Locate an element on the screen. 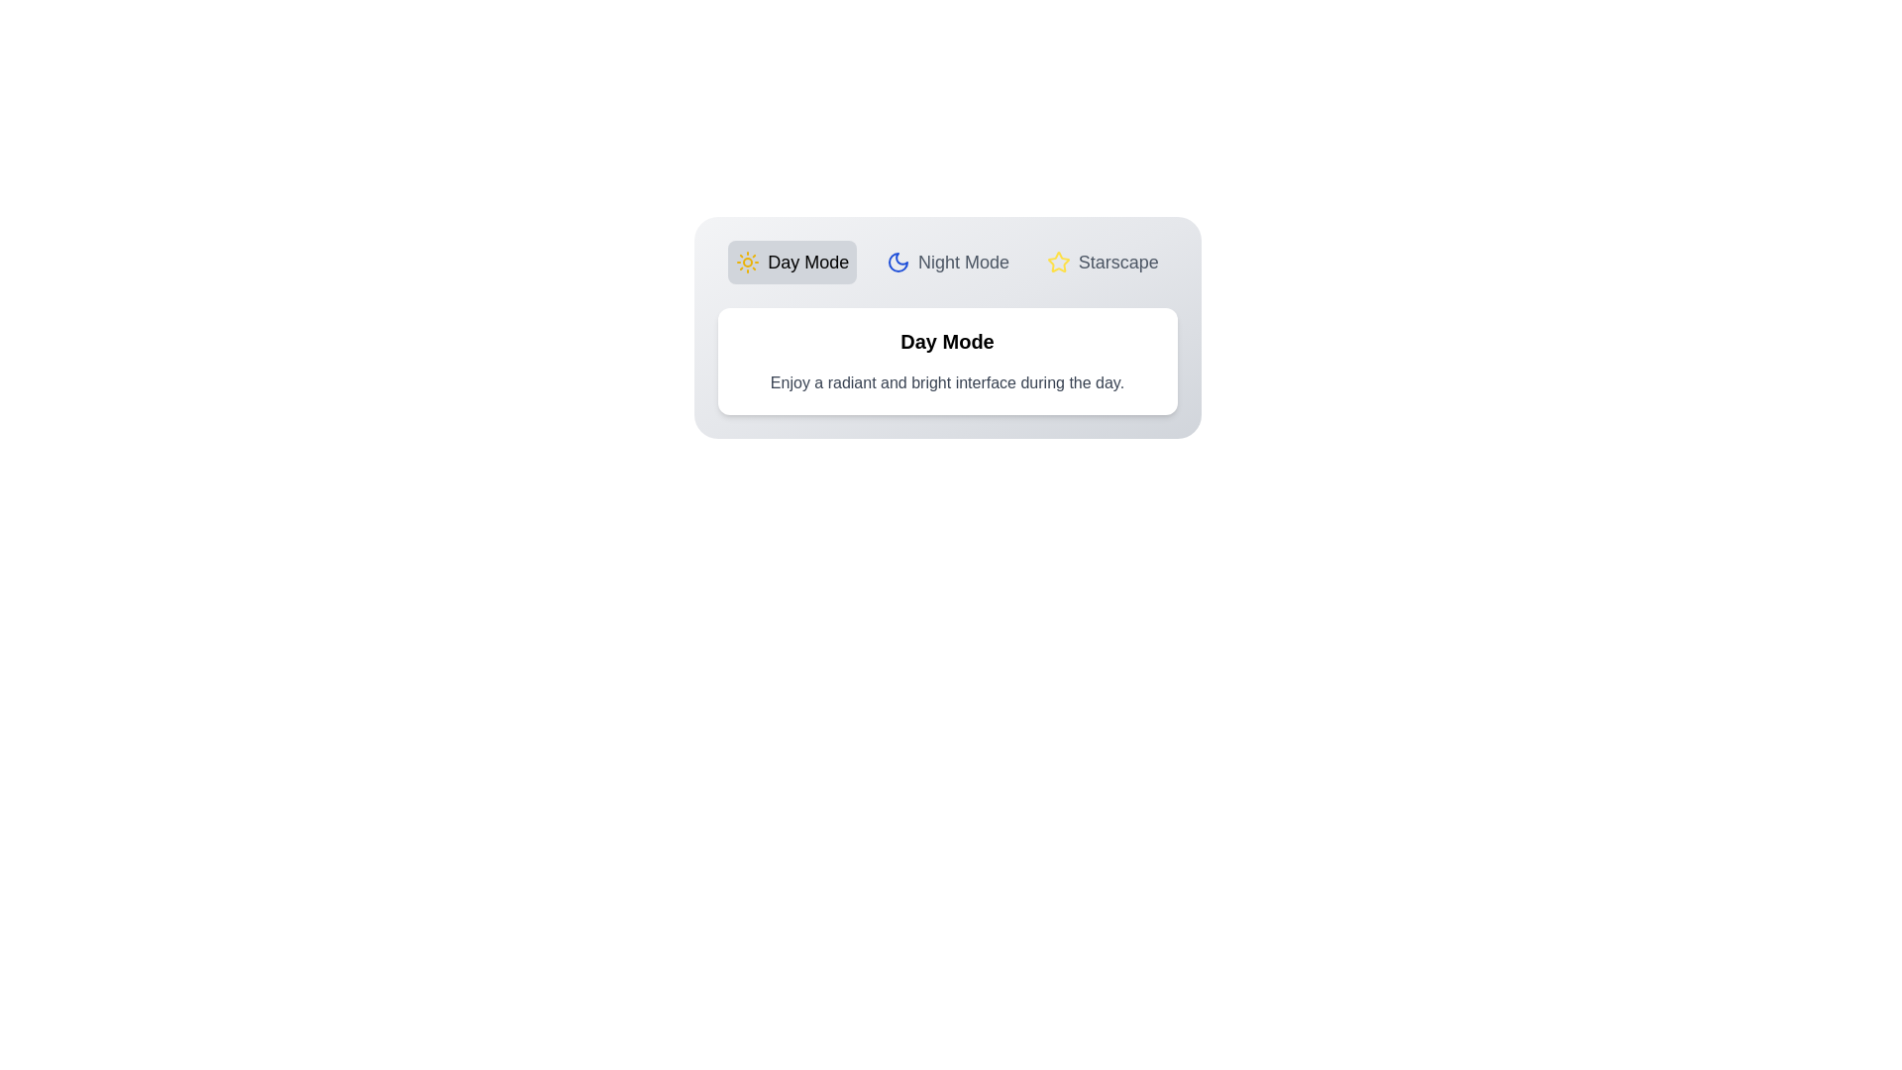  the tab corresponding to Starscape to view its content is located at coordinates (1102, 262).